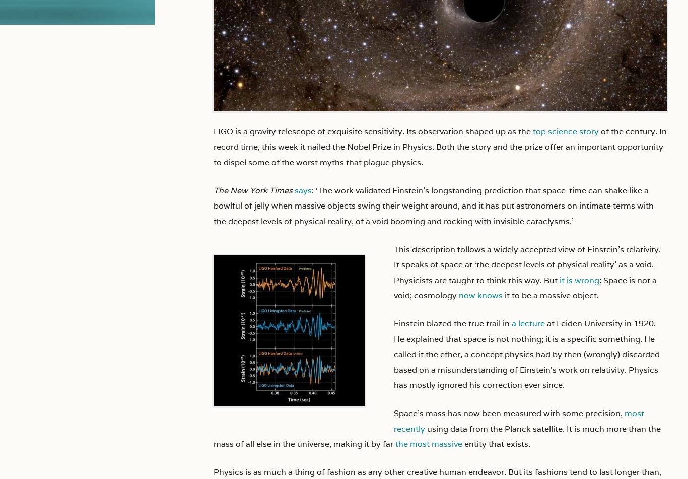 The width and height of the screenshot is (688, 479). Describe the element at coordinates (509, 413) in the screenshot. I see `'Space’s mass has now been measured with some precision,'` at that location.